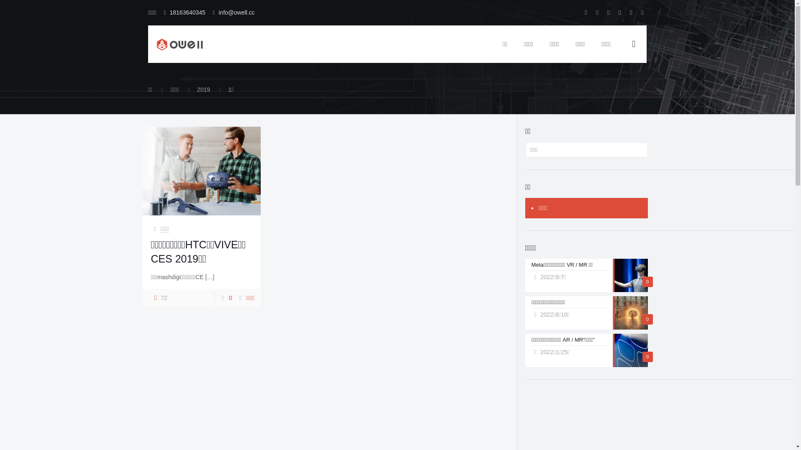 The width and height of the screenshot is (801, 450). What do you see at coordinates (187, 12) in the screenshot?
I see `'18163640345'` at bounding box center [187, 12].